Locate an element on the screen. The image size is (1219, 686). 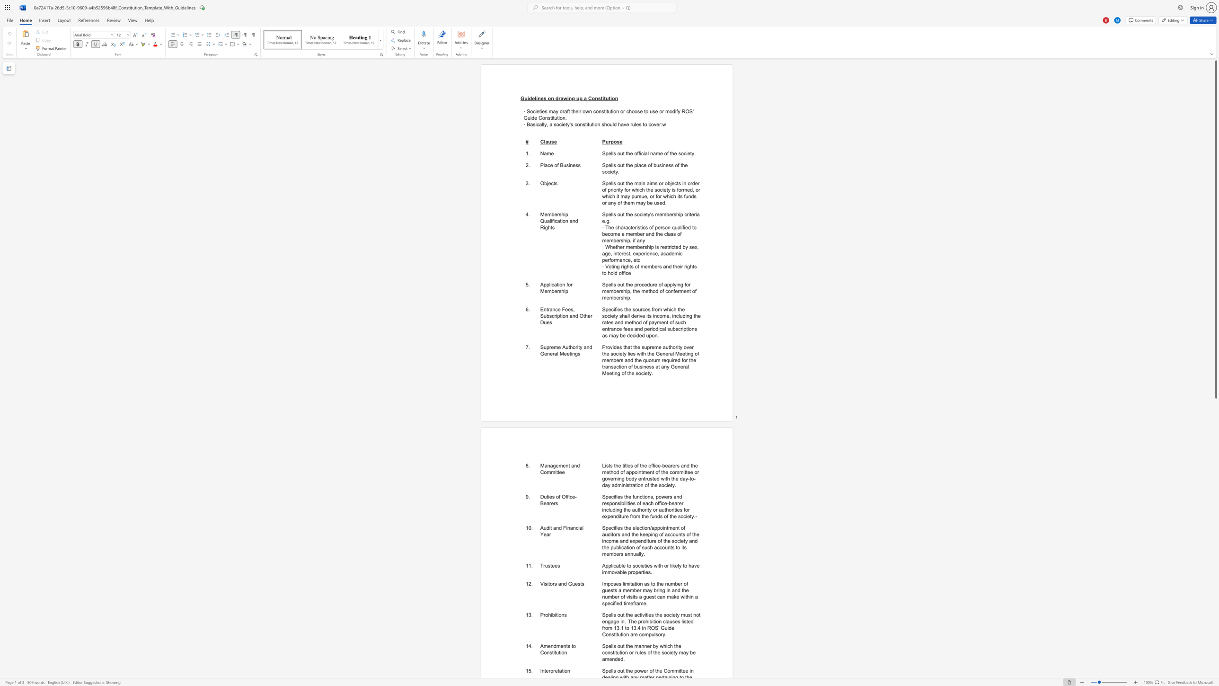
the side scrollbar to bring the page down is located at coordinates (1215, 561).